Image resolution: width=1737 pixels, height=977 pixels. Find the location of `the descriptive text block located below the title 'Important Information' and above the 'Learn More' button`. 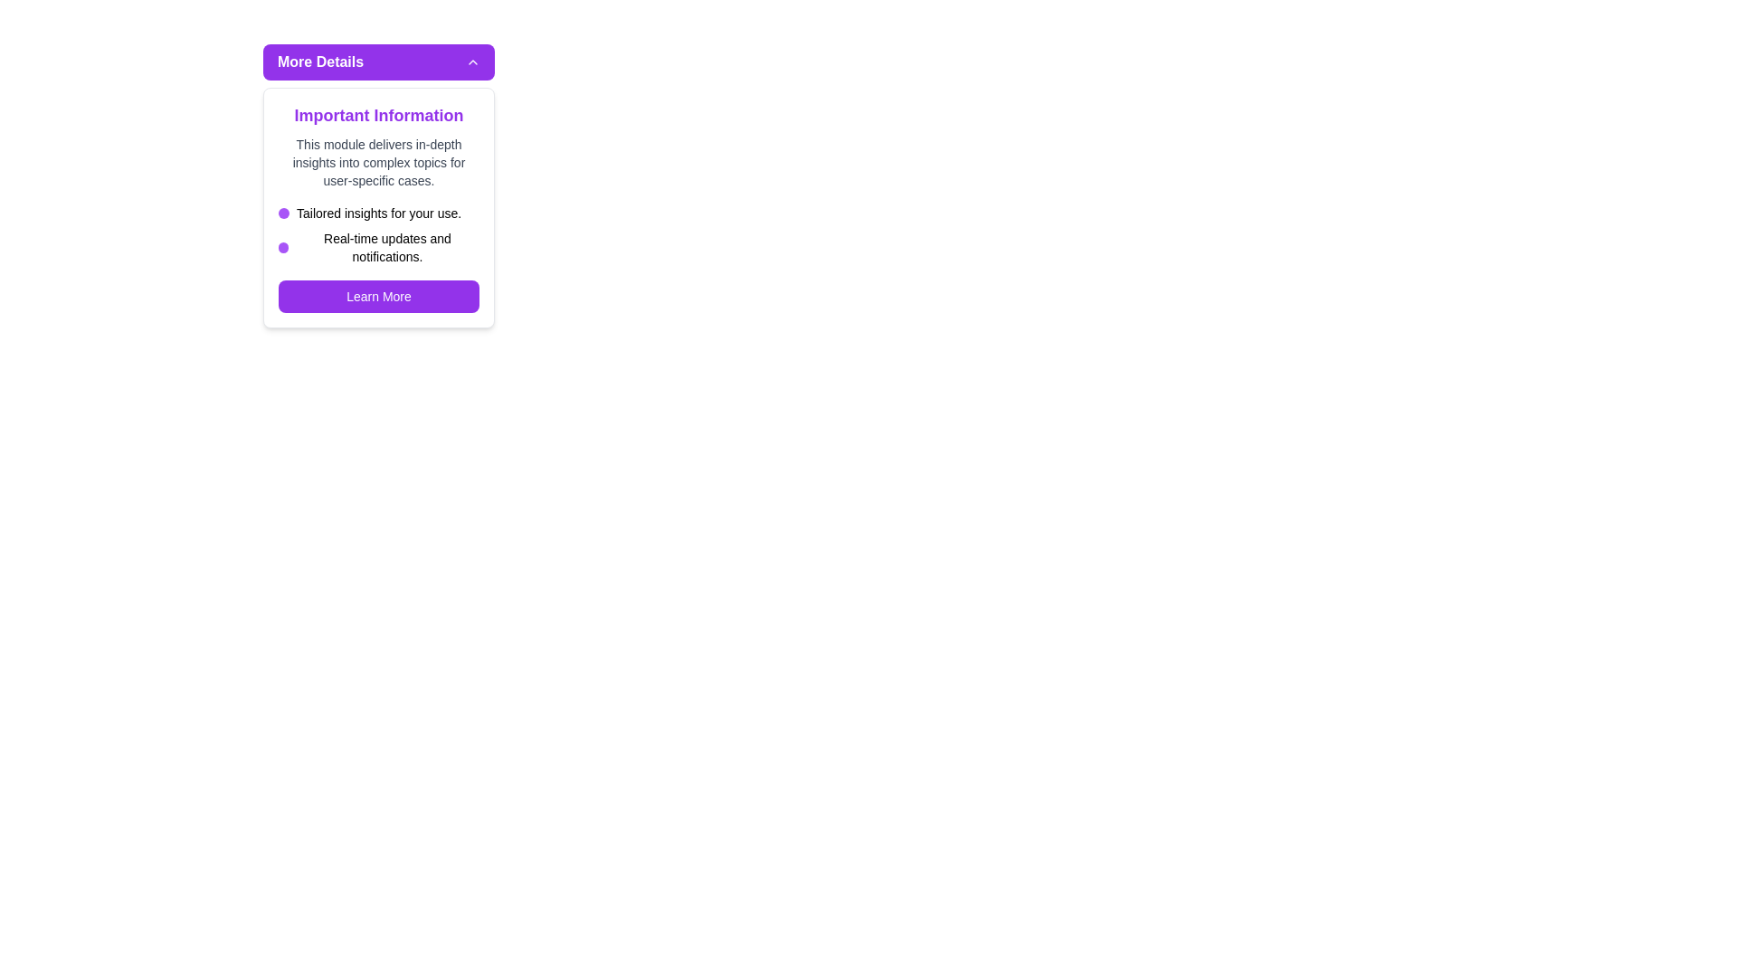

the descriptive text block located below the title 'Important Information' and above the 'Learn More' button is located at coordinates (377, 163).